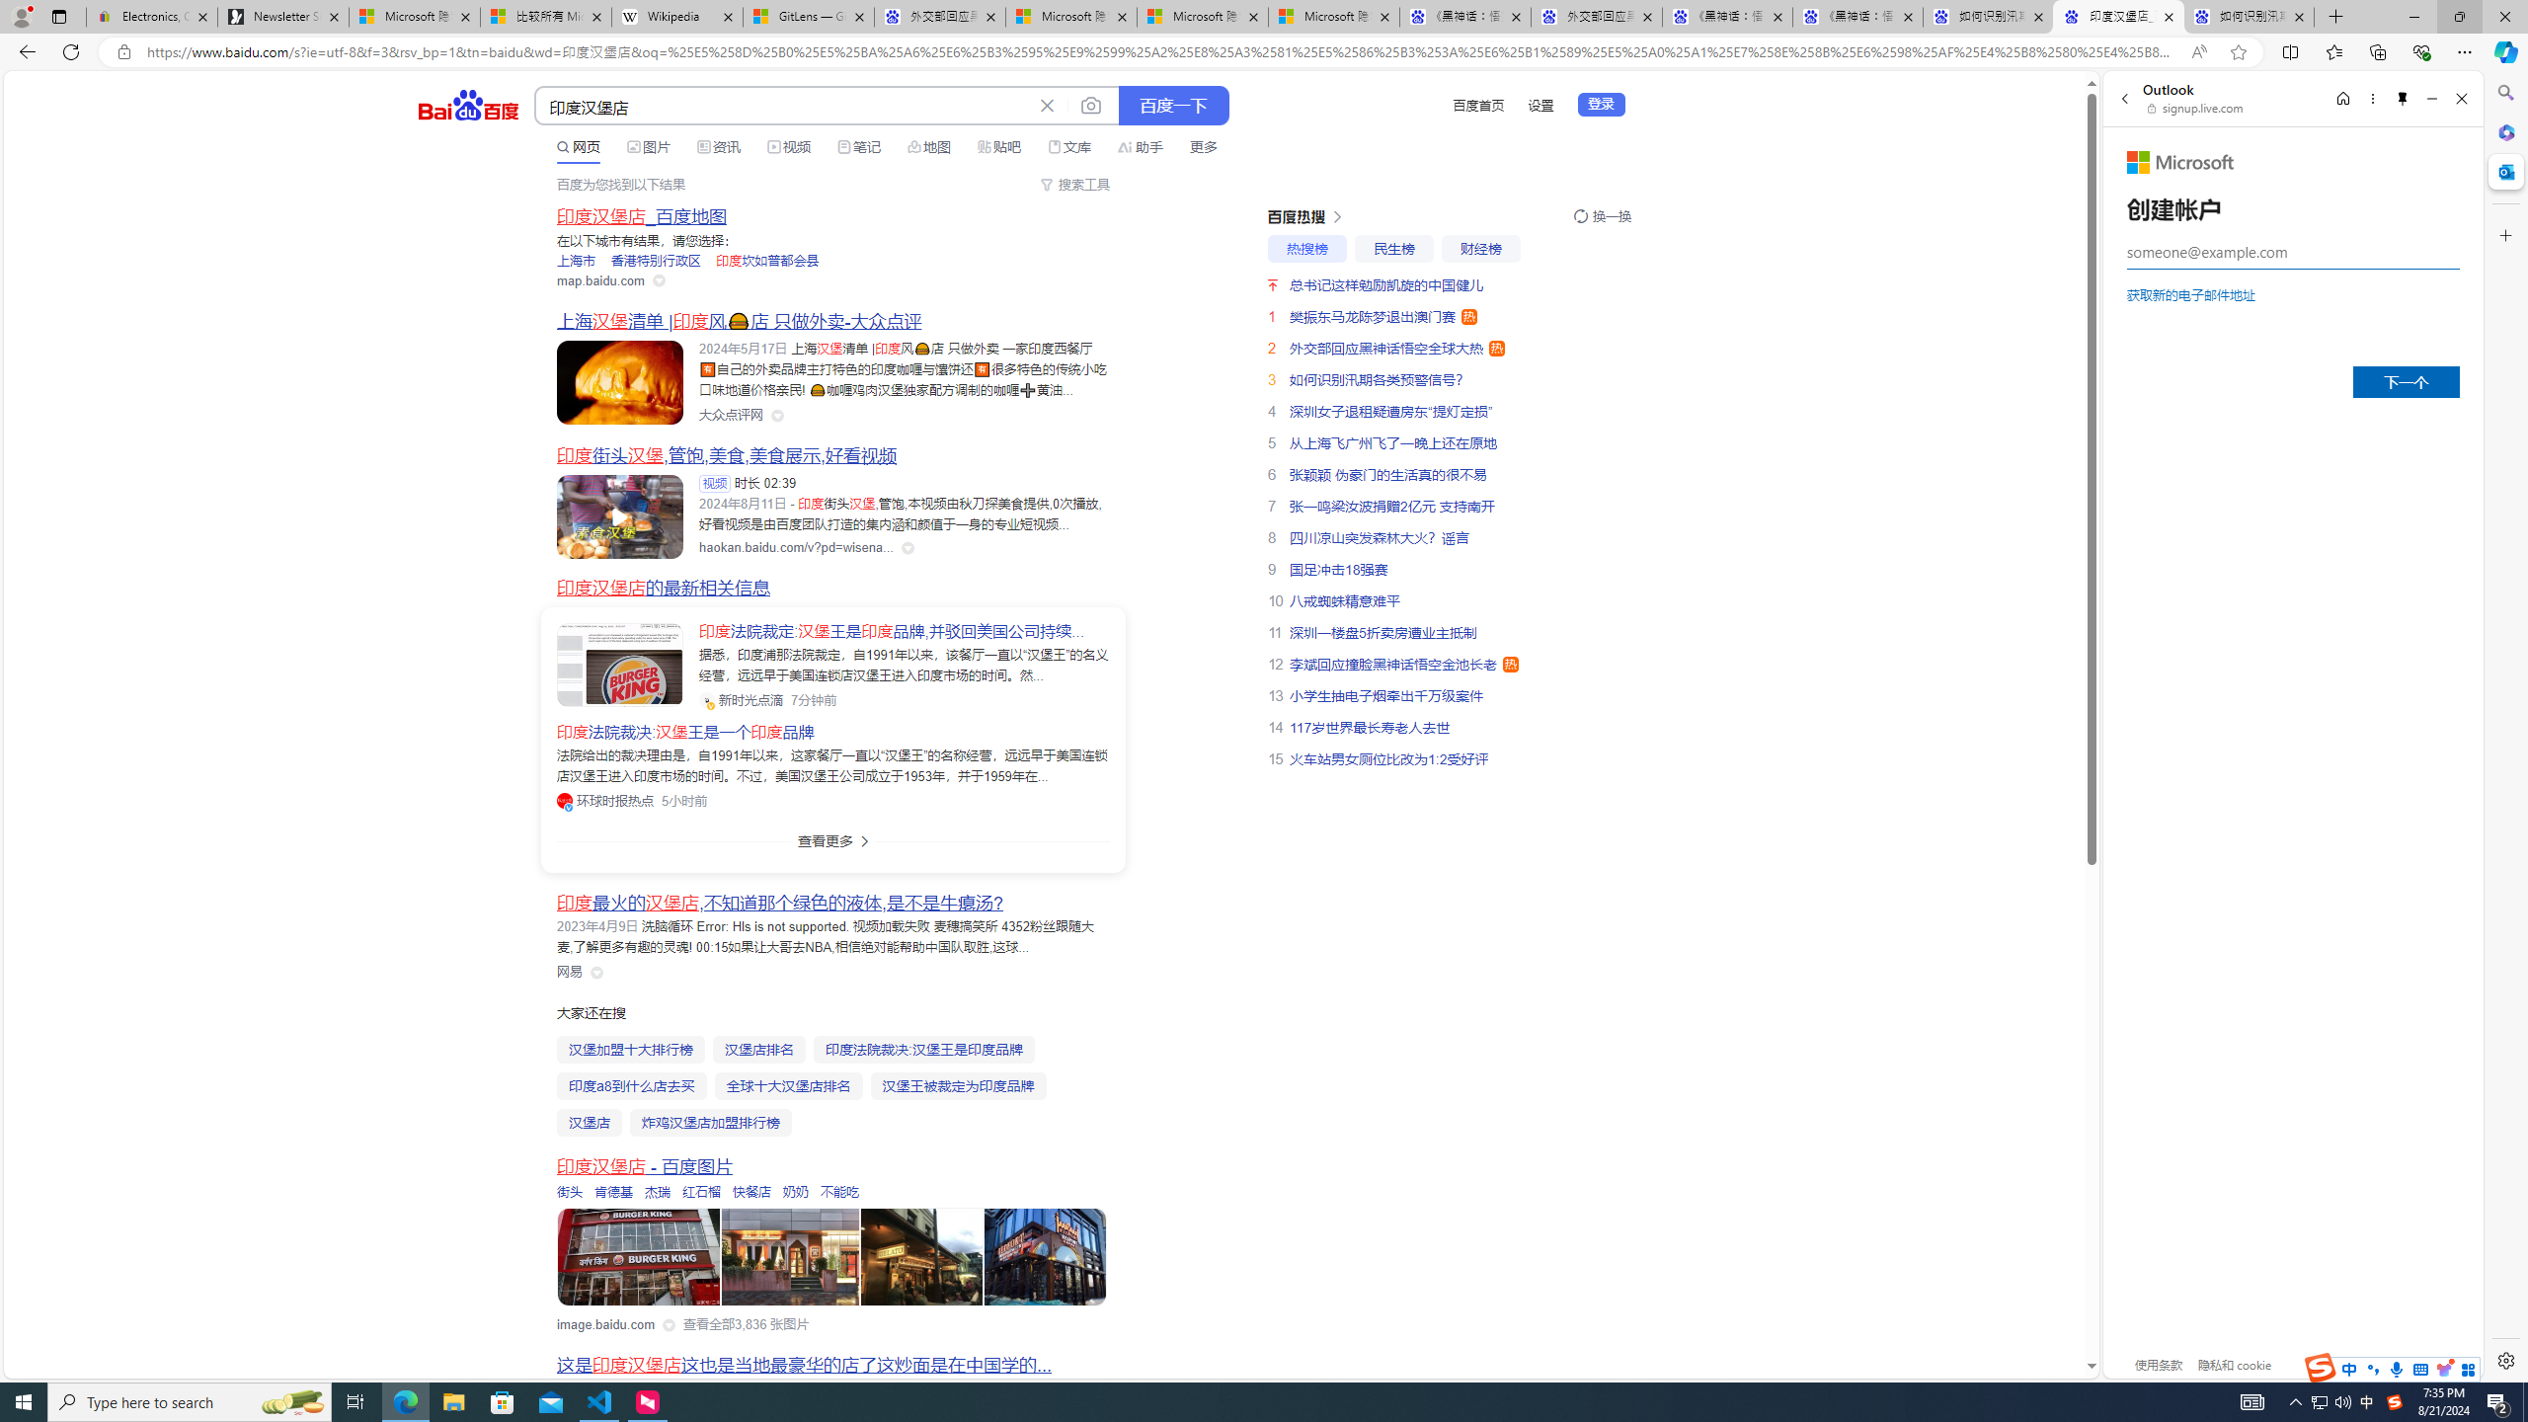 This screenshot has height=1422, width=2528. What do you see at coordinates (619, 665) in the screenshot?
I see `'Class: c-img c-img-radius-large'` at bounding box center [619, 665].